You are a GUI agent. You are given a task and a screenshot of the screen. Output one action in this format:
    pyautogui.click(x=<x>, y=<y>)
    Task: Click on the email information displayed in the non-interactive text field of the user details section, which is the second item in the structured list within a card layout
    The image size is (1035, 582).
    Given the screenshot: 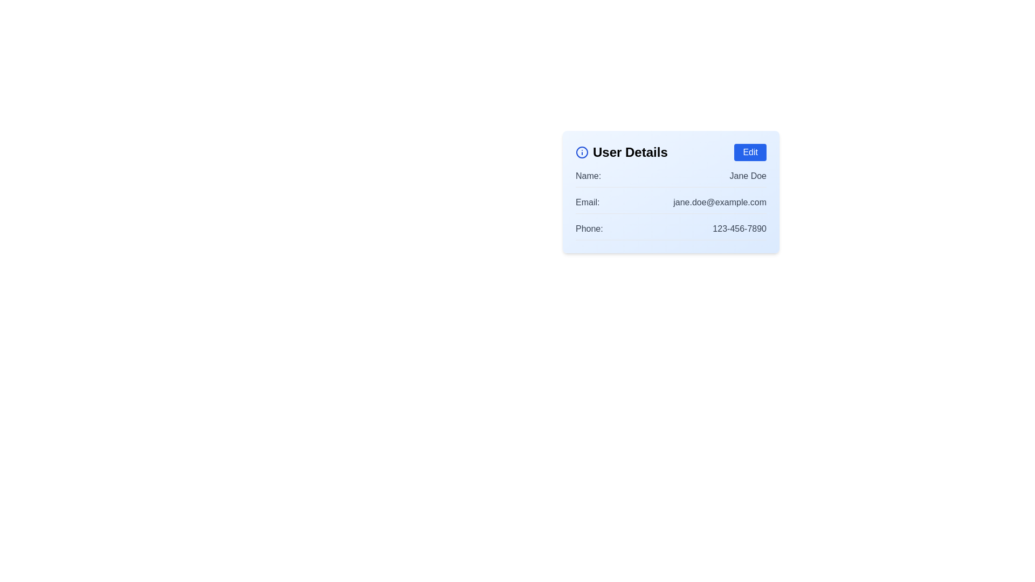 What is the action you would take?
    pyautogui.click(x=670, y=205)
    